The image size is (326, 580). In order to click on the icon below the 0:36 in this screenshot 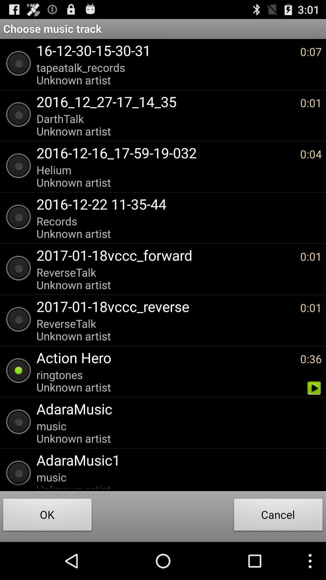, I will do `click(314, 388)`.